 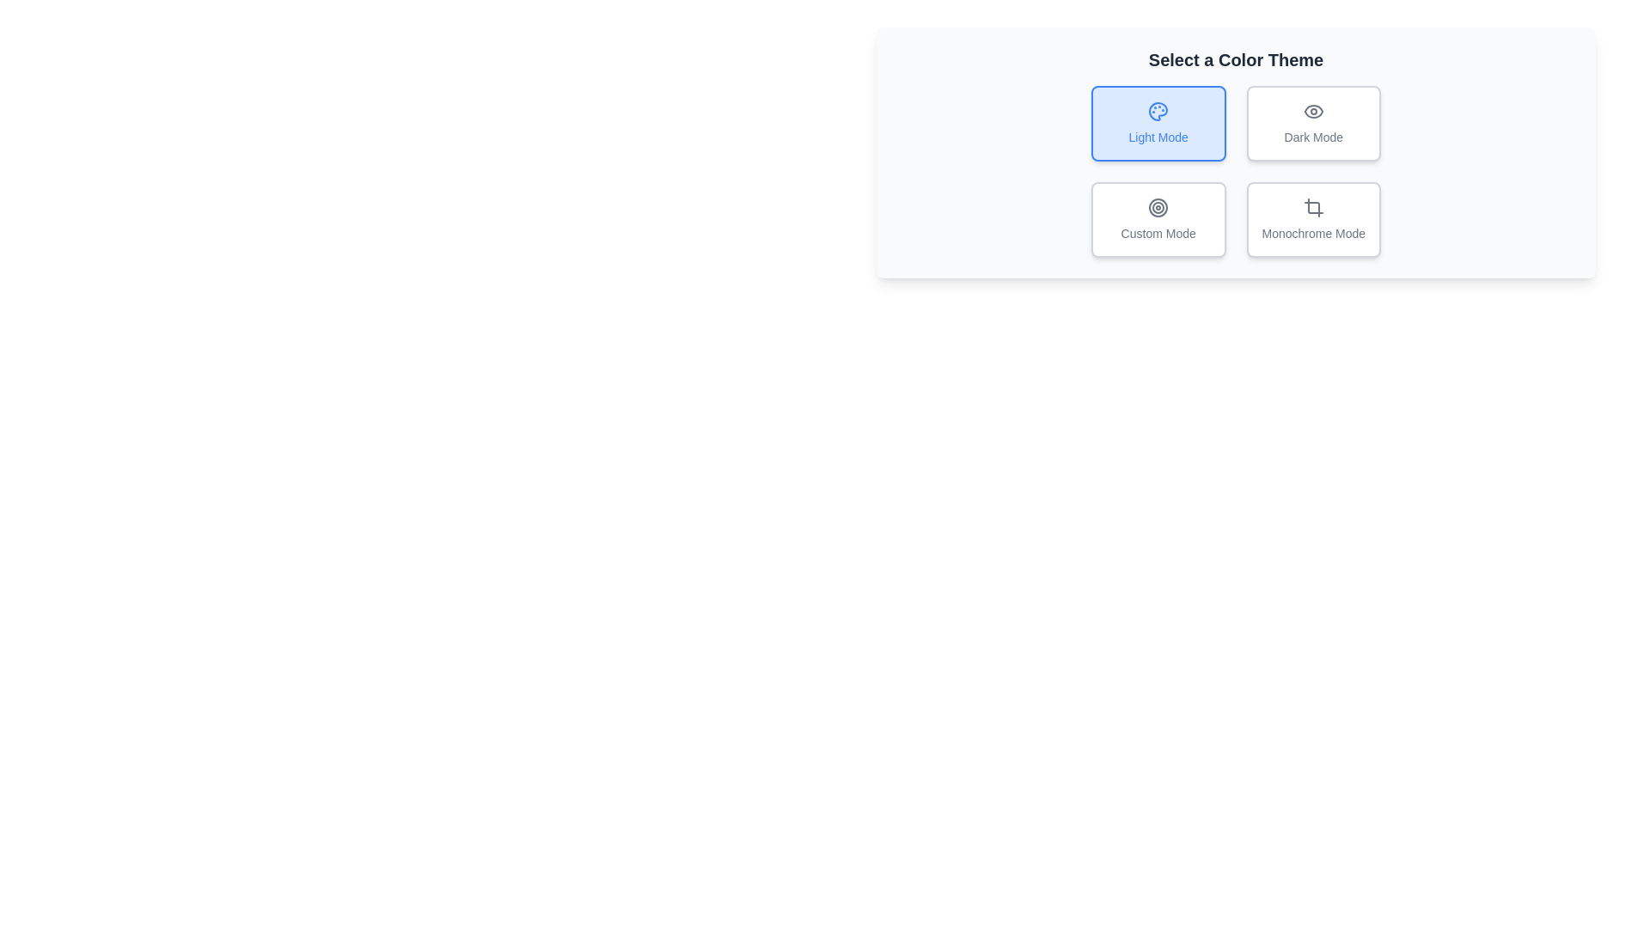 I want to click on the theme by clicking on the button corresponding to Custom Mode, so click(x=1158, y=218).